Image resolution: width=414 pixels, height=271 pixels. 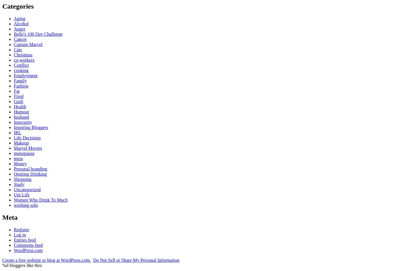 What do you see at coordinates (21, 23) in the screenshot?
I see `'Alcohol'` at bounding box center [21, 23].